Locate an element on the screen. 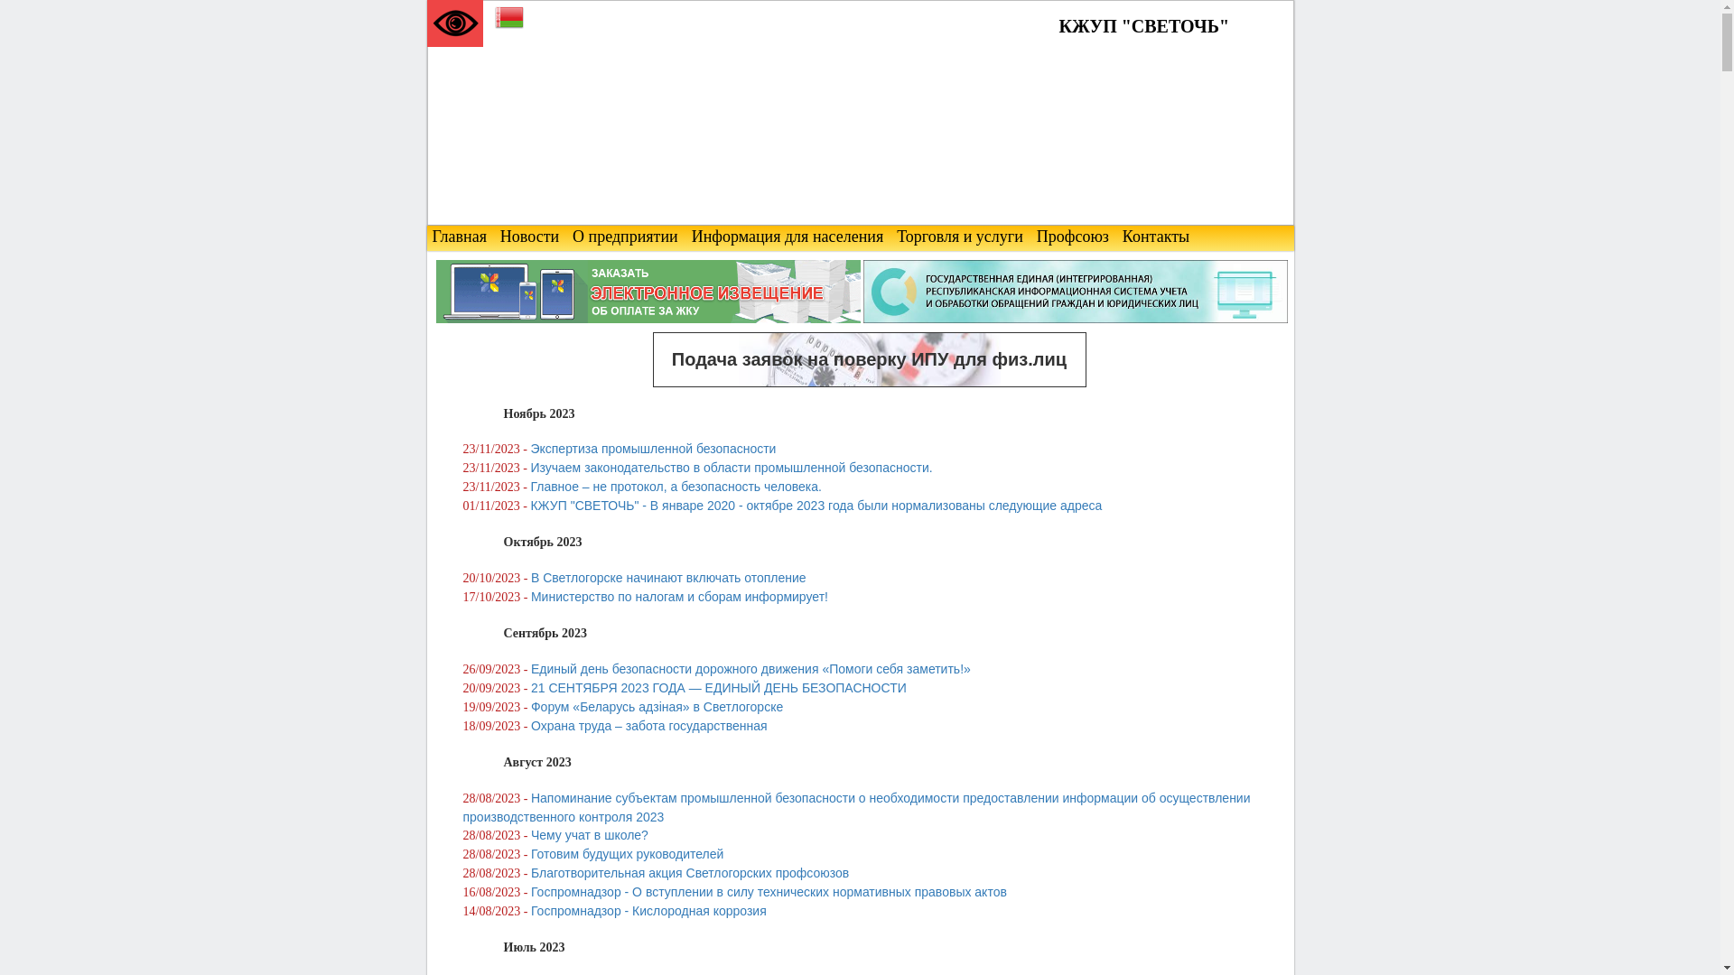  'Belarusian' is located at coordinates (508, 20).